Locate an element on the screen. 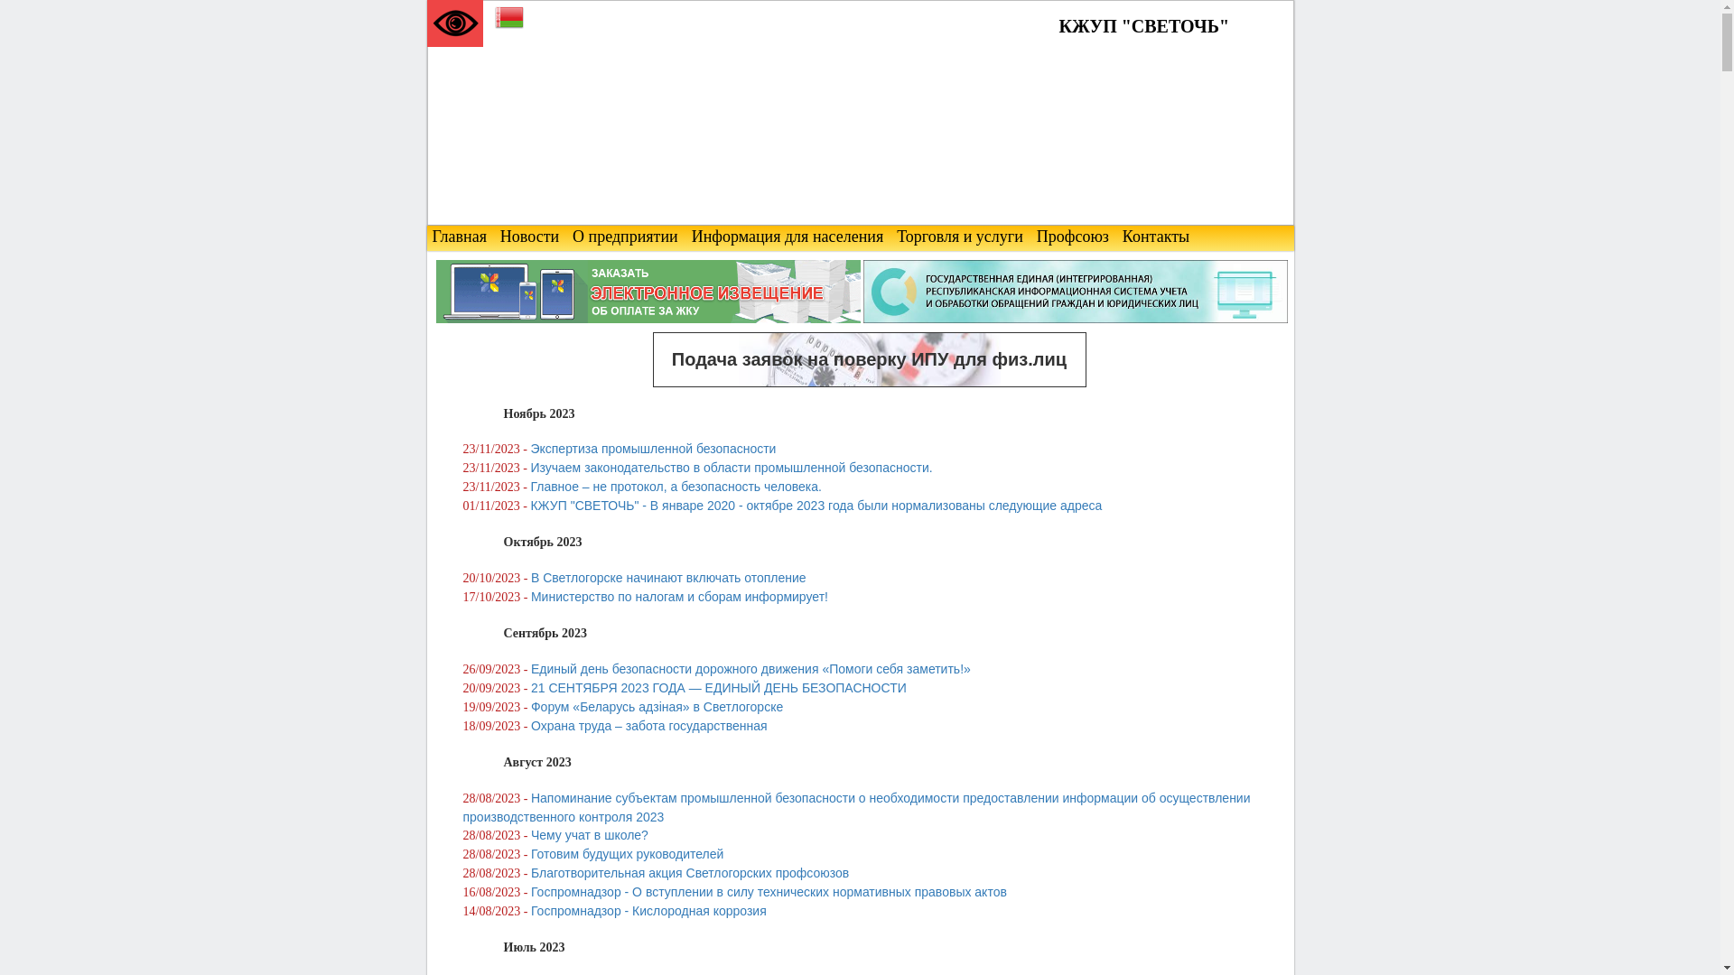  'Belarusian' is located at coordinates (508, 20).